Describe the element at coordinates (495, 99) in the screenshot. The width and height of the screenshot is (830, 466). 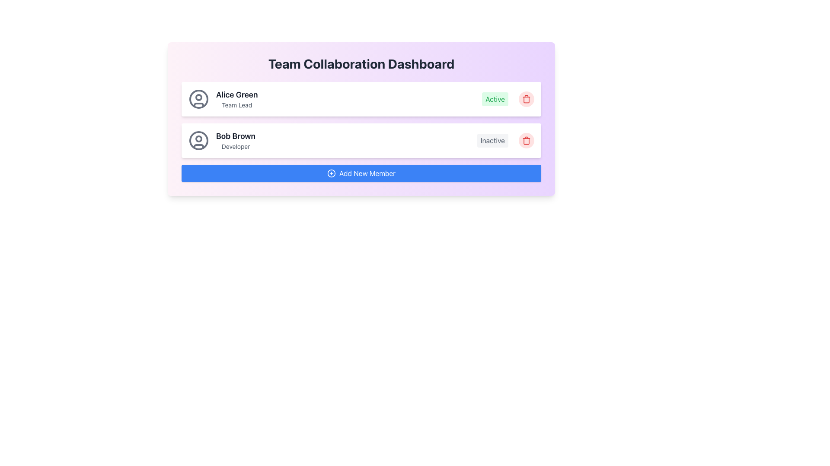
I see `the green text label displaying 'Active' next to the name 'Alice Green', who is a 'Team Lead', located in the top row of the dashboard interface` at that location.